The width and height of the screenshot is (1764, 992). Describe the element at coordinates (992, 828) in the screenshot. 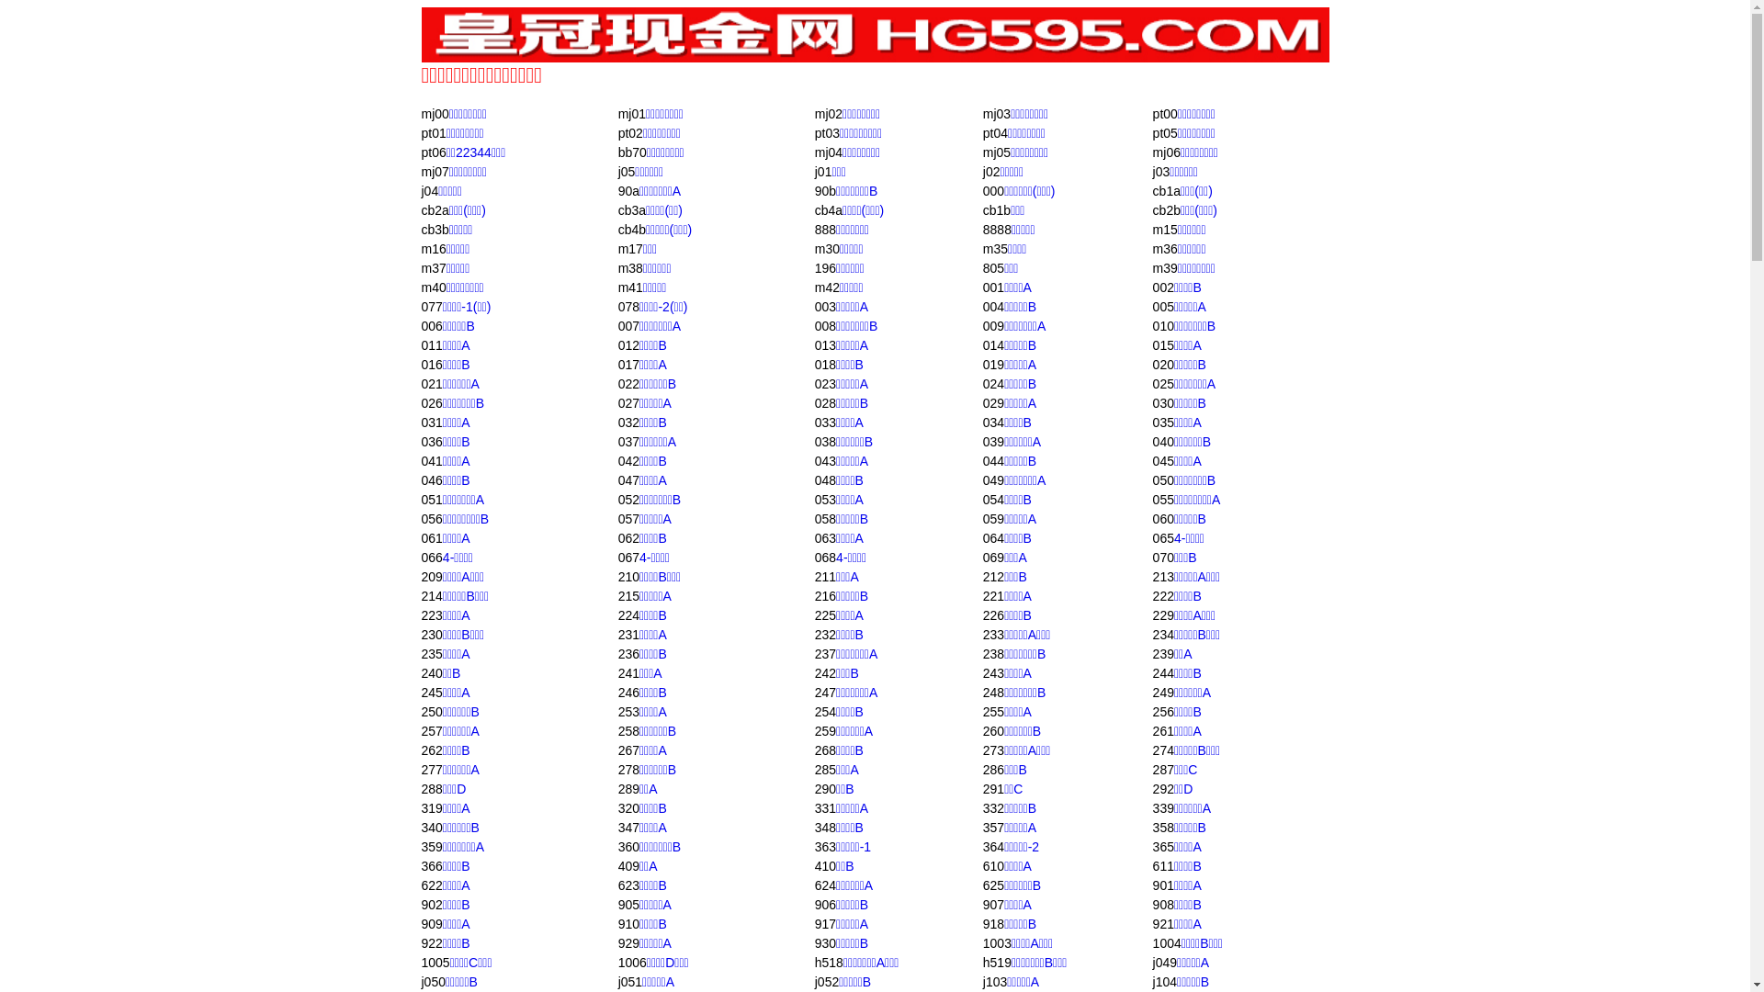

I see `'357'` at that location.